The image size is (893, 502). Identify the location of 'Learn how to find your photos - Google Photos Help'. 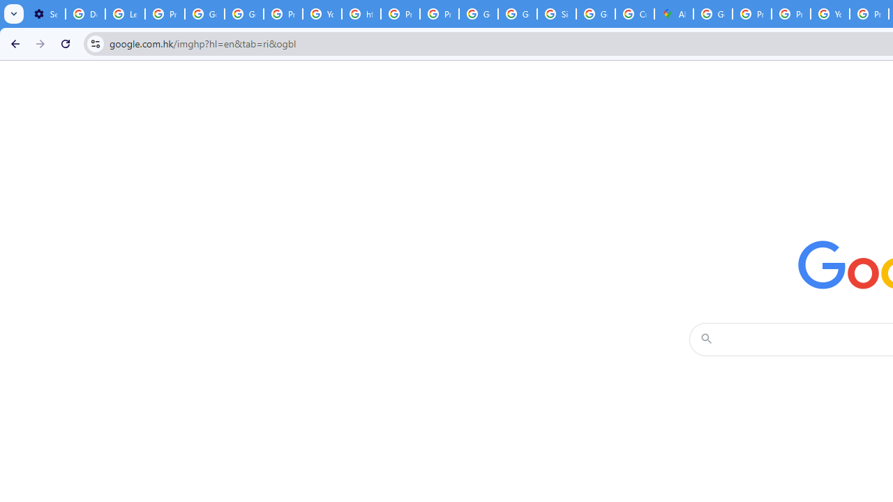
(125, 14).